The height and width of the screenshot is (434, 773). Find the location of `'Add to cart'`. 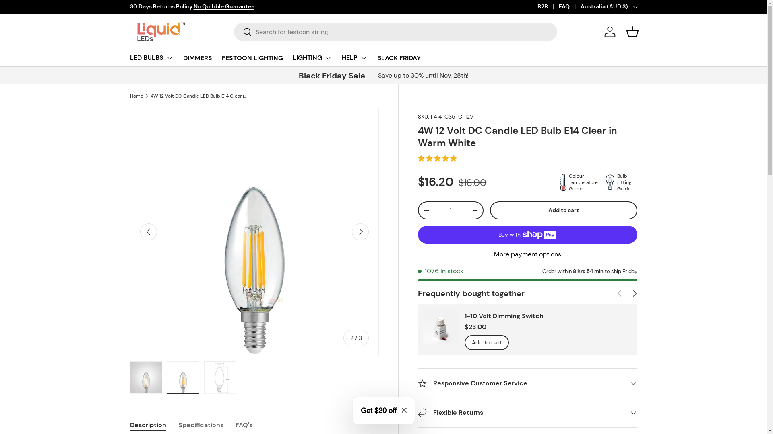

'Add to cart' is located at coordinates (563, 210).